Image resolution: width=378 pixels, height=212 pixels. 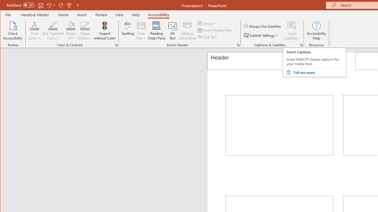 I want to click on 'Inspect without Color', so click(x=105, y=31).